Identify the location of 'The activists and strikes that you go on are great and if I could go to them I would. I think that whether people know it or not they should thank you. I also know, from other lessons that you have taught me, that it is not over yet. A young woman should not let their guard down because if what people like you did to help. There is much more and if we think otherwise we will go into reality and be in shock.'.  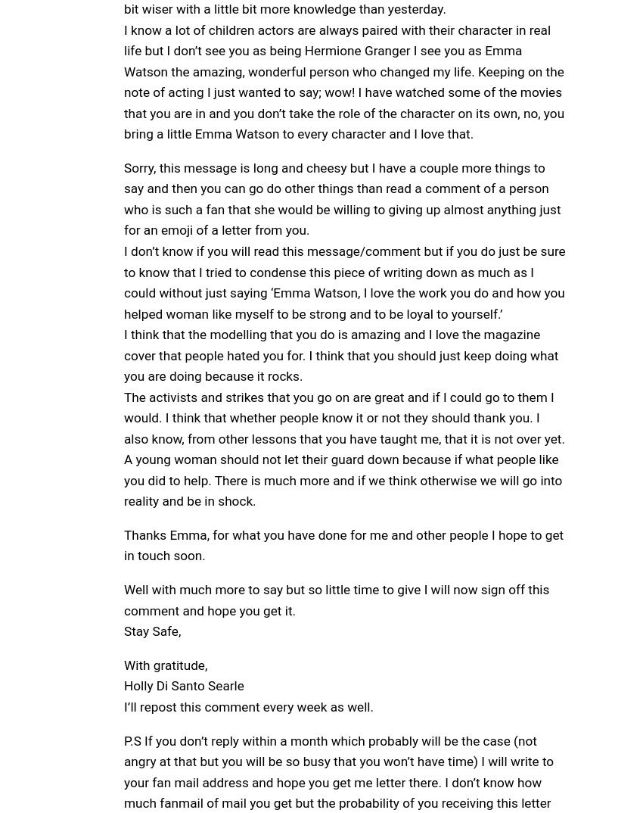
(343, 448).